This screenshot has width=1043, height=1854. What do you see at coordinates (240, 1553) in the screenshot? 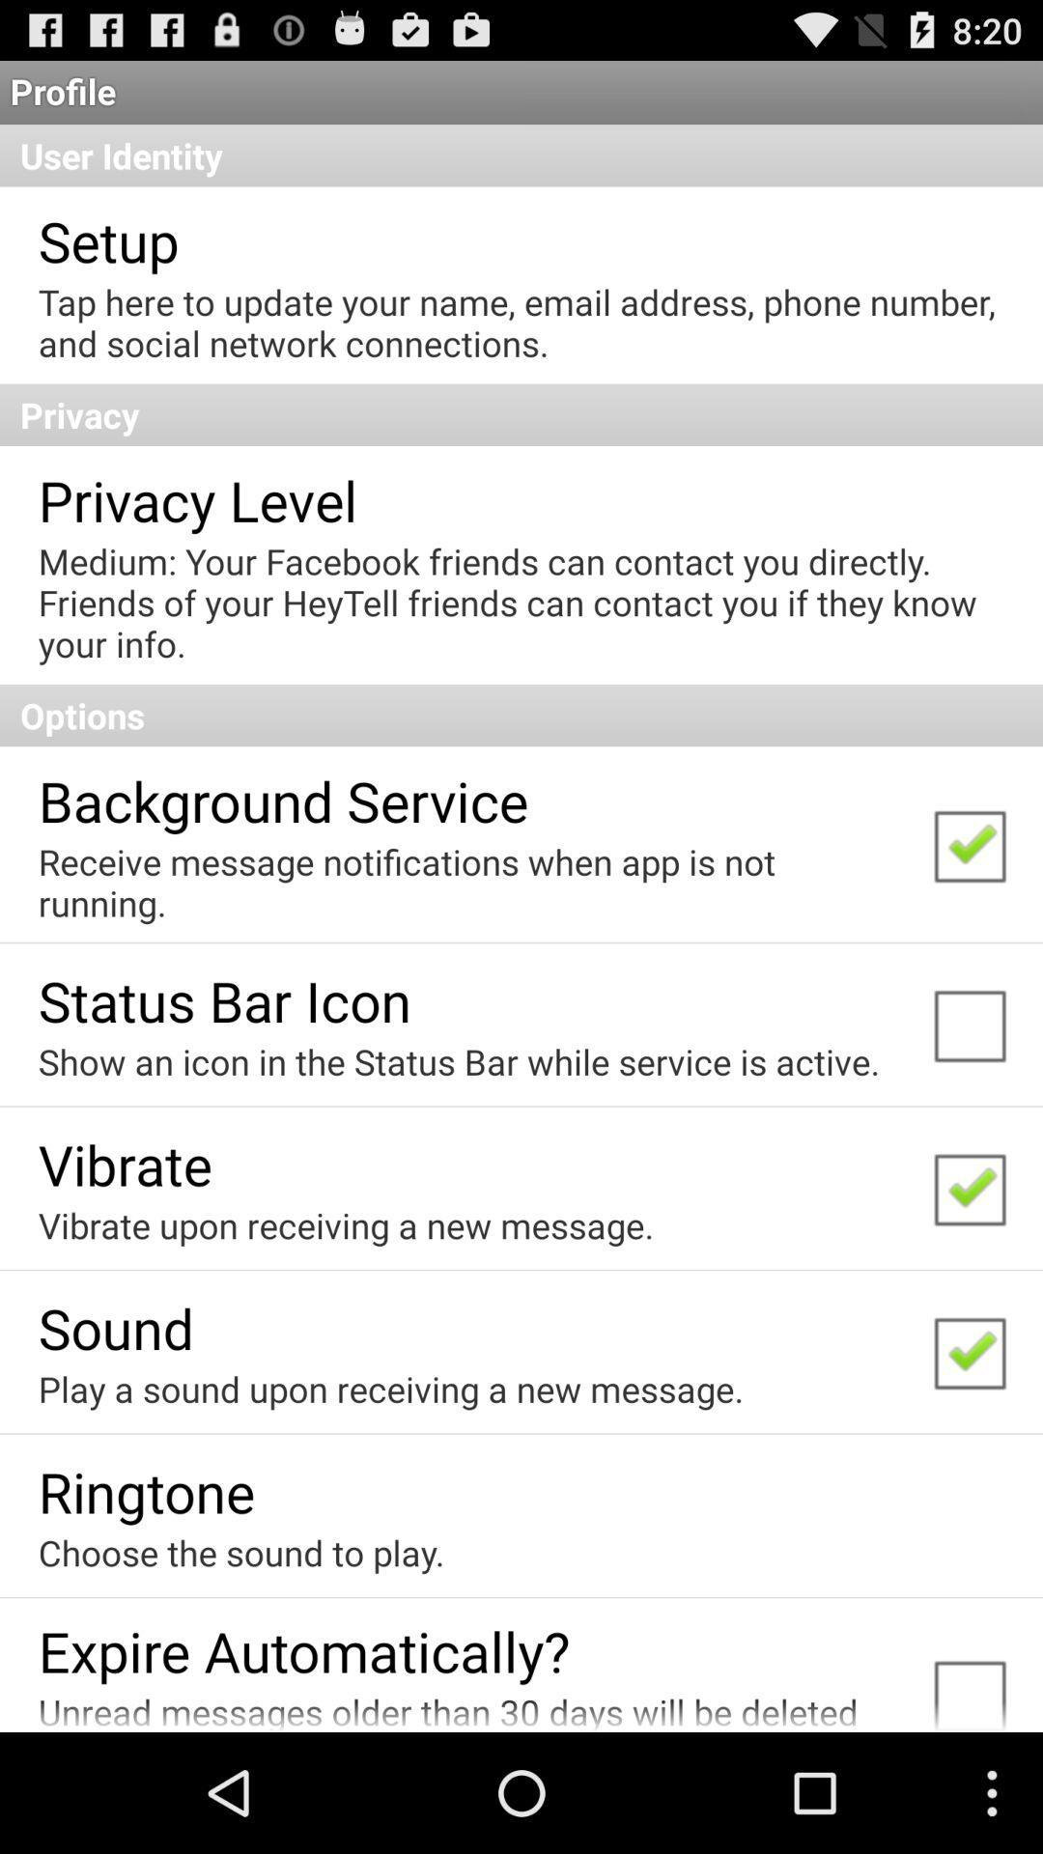
I see `icon below ringtone` at bounding box center [240, 1553].